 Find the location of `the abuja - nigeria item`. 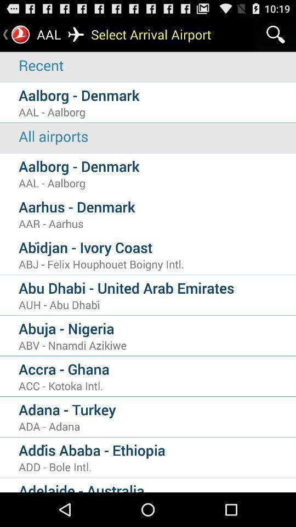

the abuja - nigeria item is located at coordinates (157, 328).